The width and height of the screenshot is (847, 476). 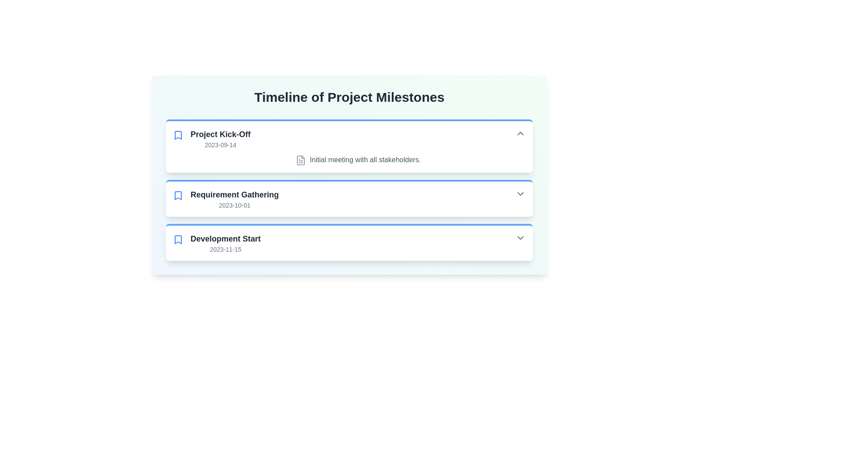 What do you see at coordinates (220, 134) in the screenshot?
I see `the Text Label that serves as the title of the milestone event, located in the topmost item of a vertically arranged list, above the text '2023-09-14', within a blue-bordered card` at bounding box center [220, 134].